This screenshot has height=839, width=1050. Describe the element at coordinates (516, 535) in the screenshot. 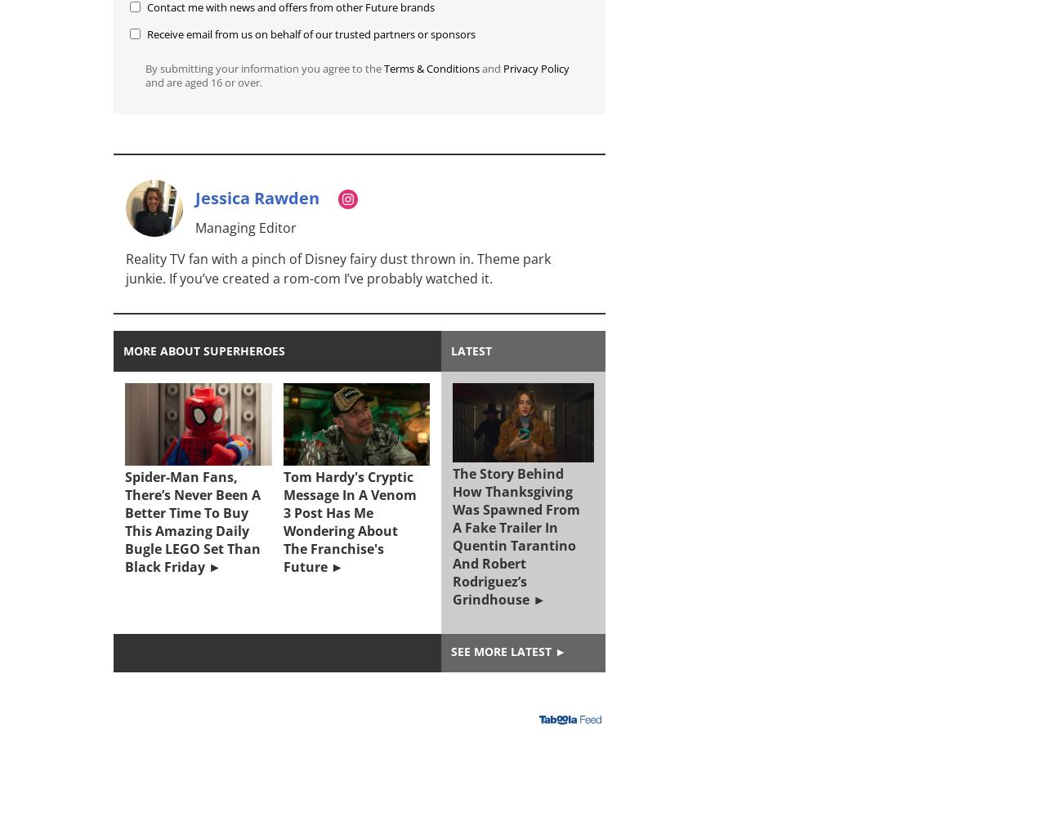

I see `'The Story Behind How Thanksgiving Was Spawned From A Fake Trailer In Quentin Tarantino And Robert Rodriguez’s Grindhouse'` at that location.